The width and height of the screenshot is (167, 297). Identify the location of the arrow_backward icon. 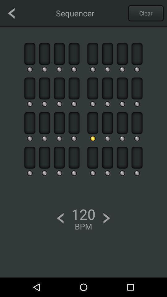
(11, 13).